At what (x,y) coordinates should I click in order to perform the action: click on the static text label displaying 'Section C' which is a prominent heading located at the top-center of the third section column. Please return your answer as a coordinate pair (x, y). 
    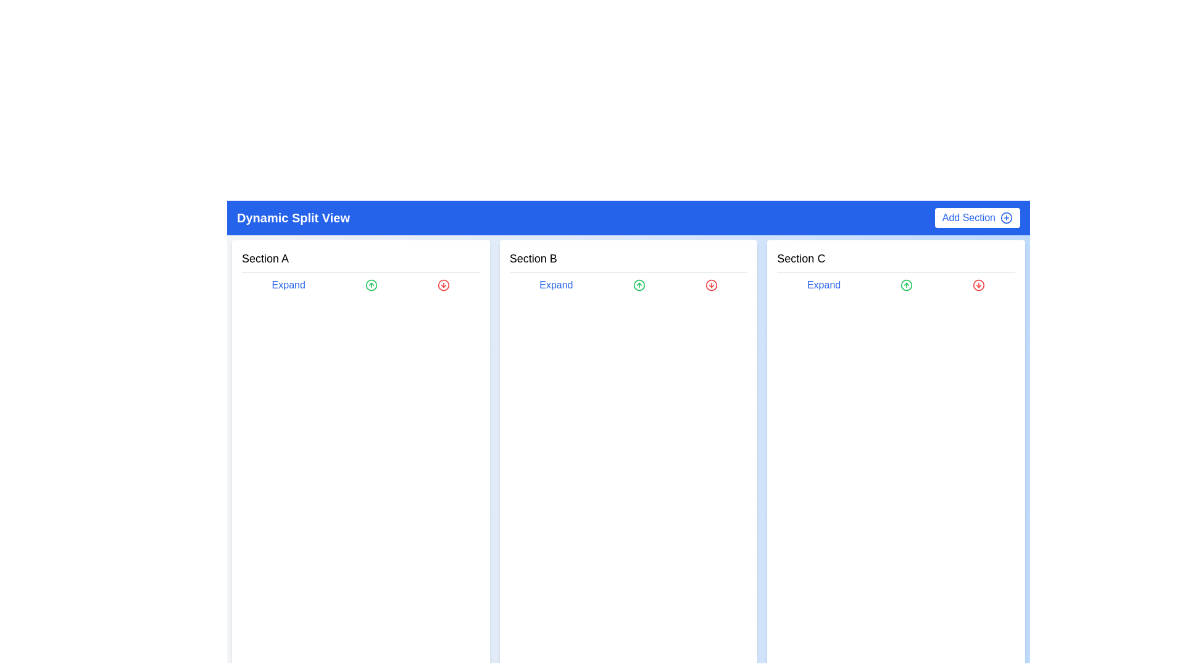
    Looking at the image, I should click on (801, 258).